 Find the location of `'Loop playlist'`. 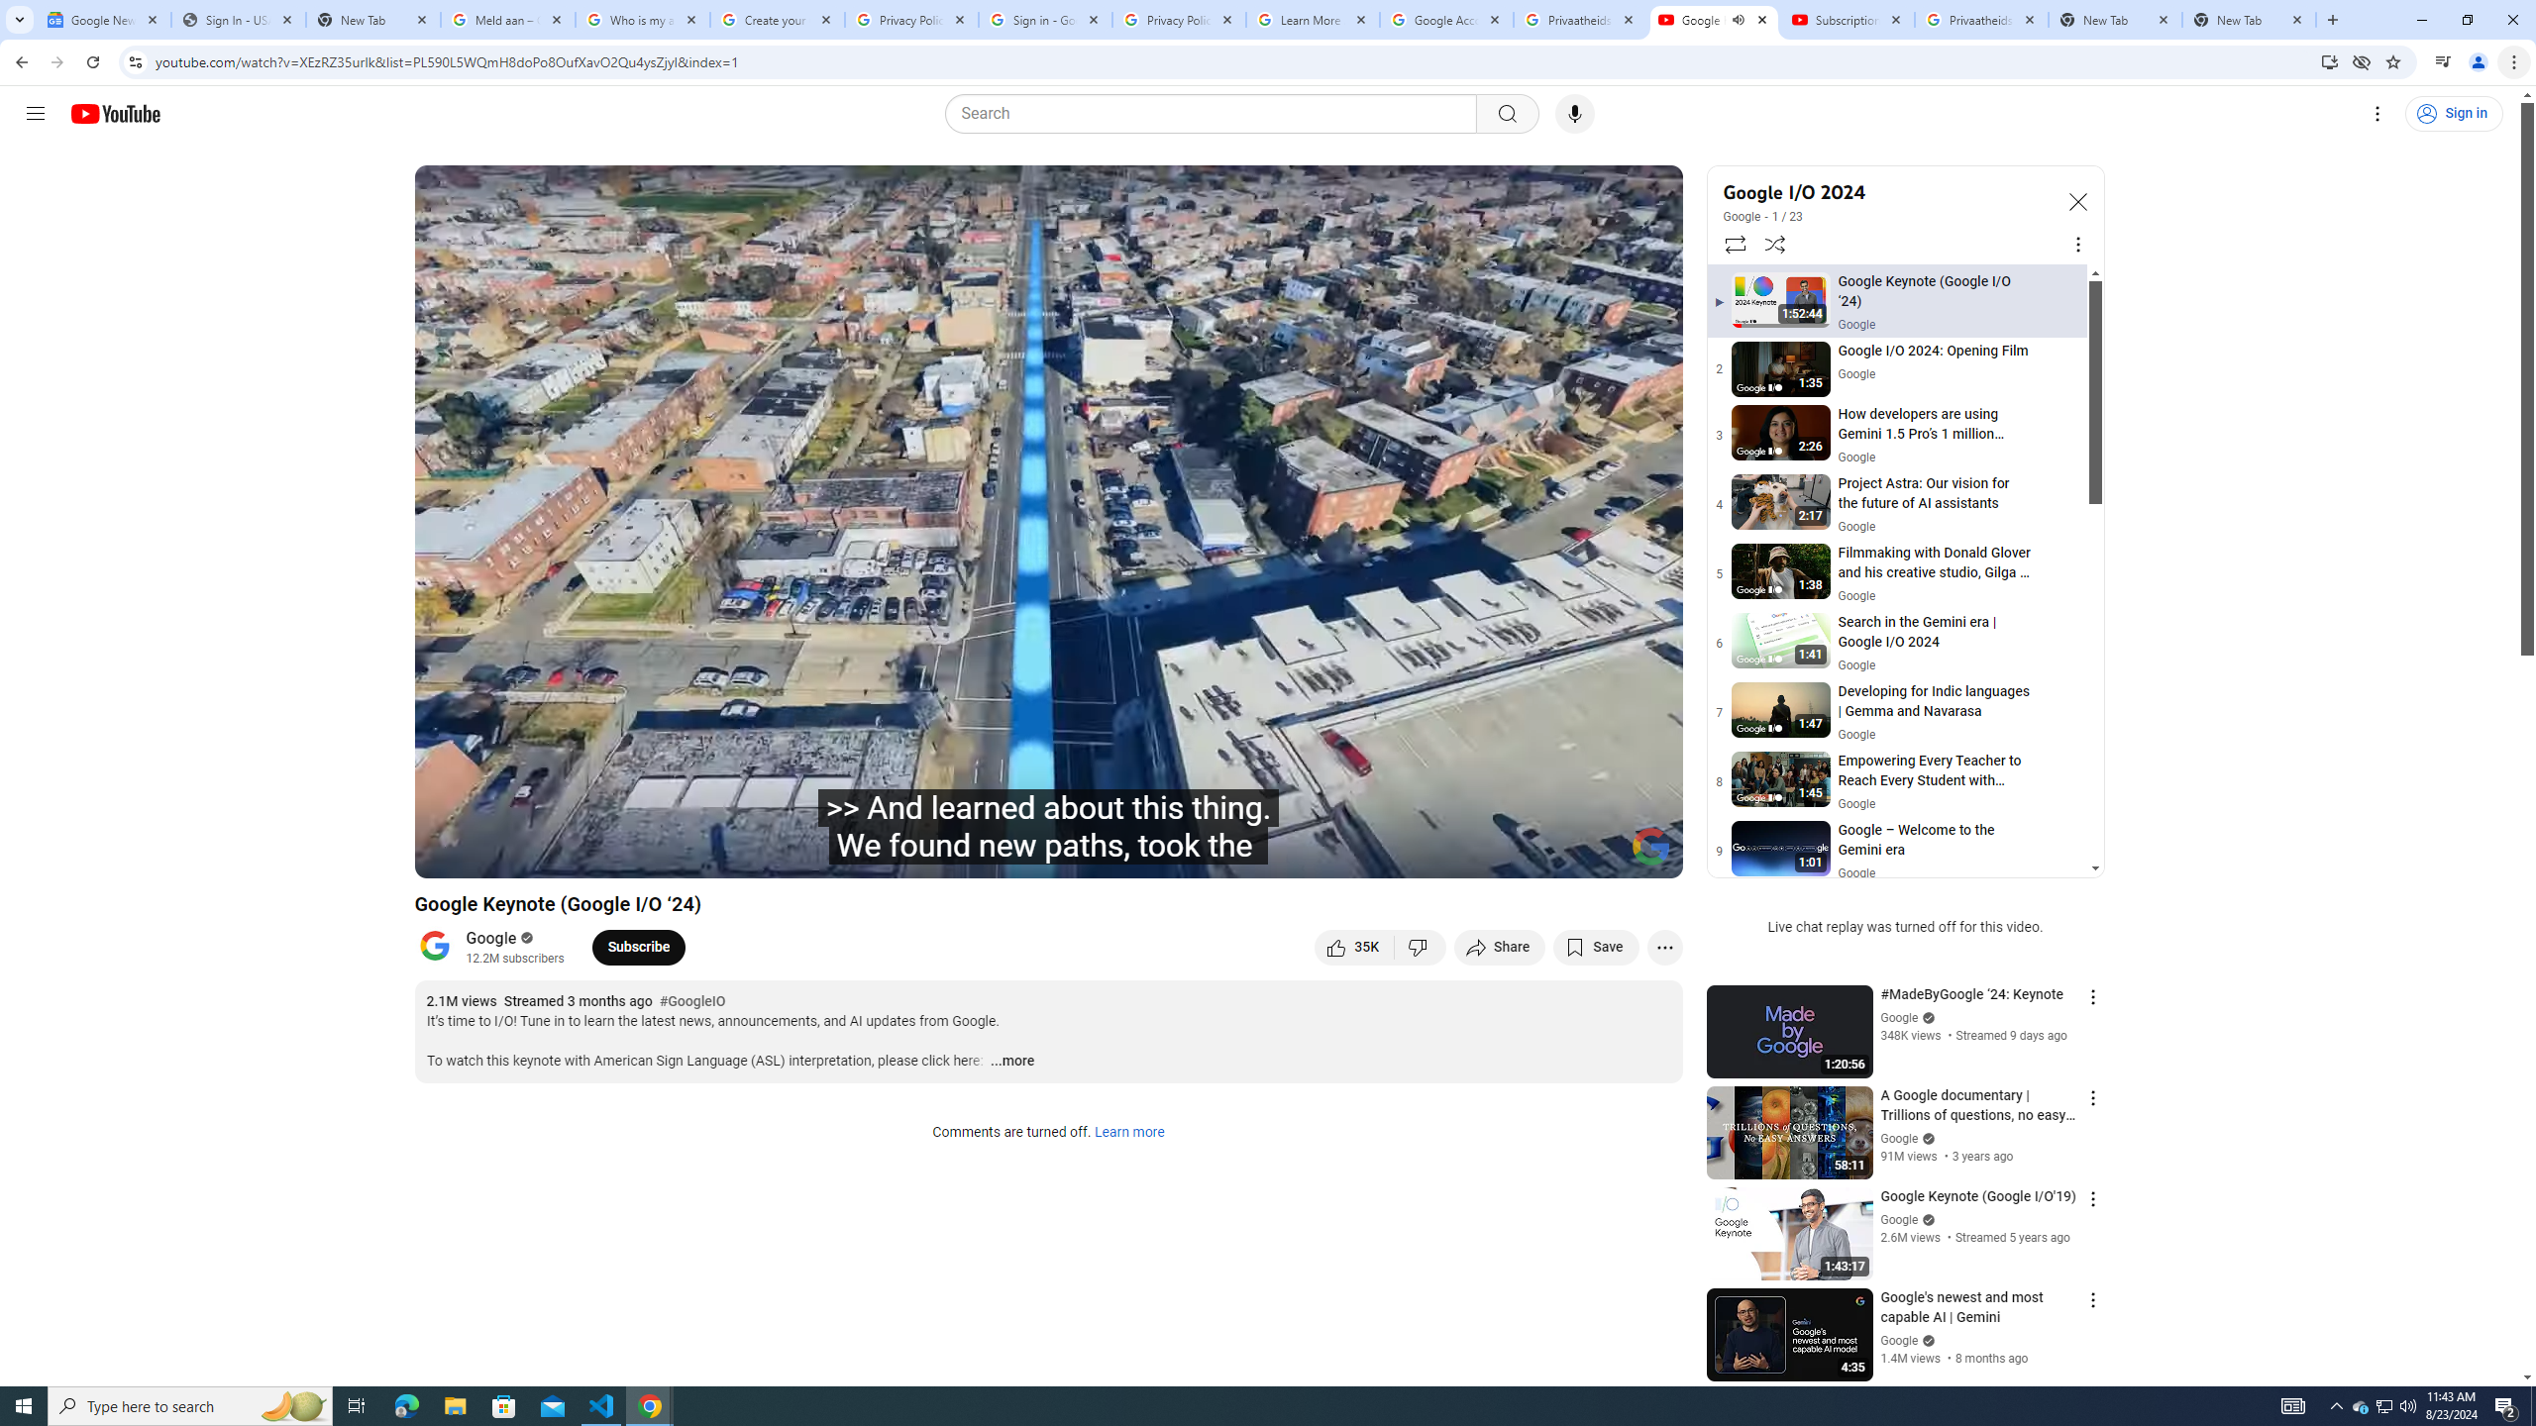

'Loop playlist' is located at coordinates (1734, 243).